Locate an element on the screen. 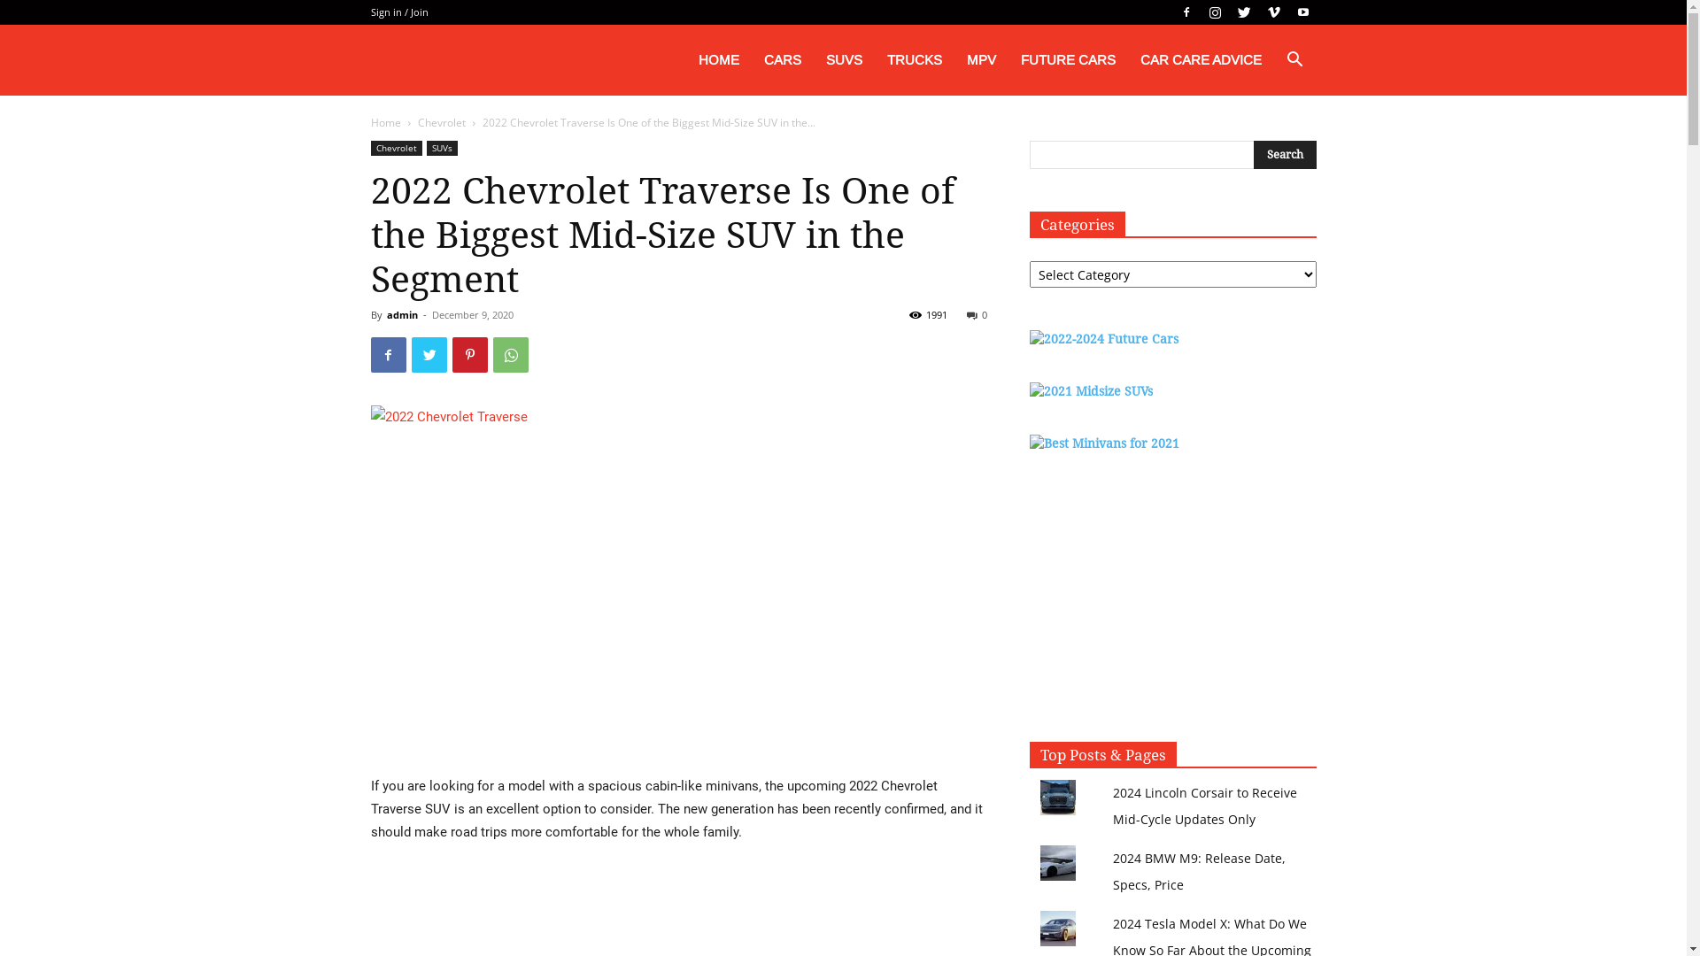 The image size is (1700, 956). 'HOME' is located at coordinates (684, 59).